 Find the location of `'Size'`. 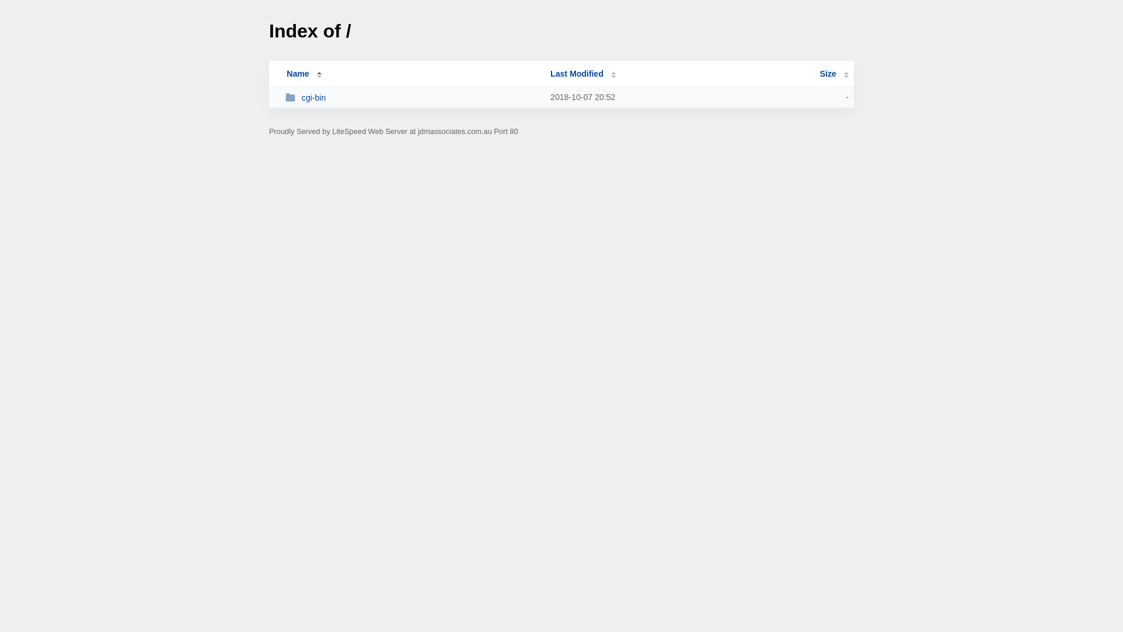

'Size' is located at coordinates (833, 74).